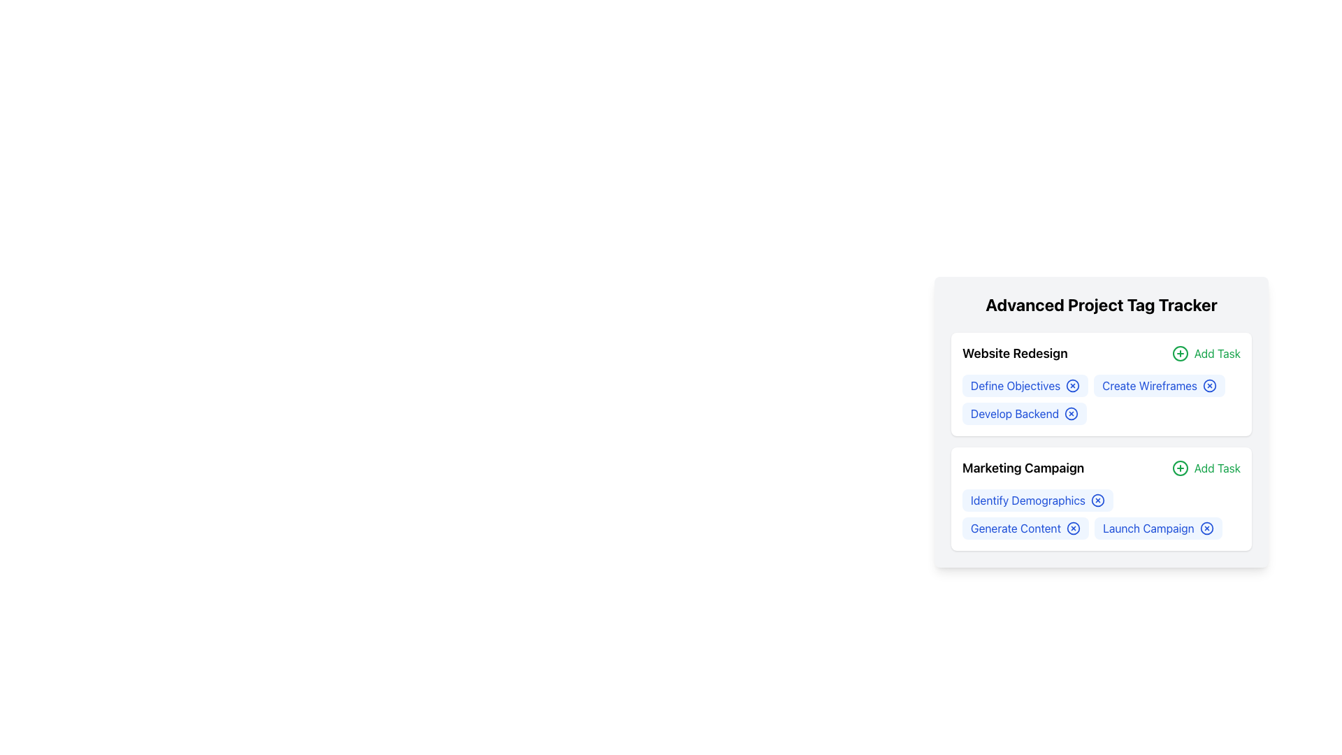 The height and width of the screenshot is (755, 1342). Describe the element at coordinates (1037, 500) in the screenshot. I see `the first button labeled 'Identify Demographics' in the 'Marketing Campaign' section under 'Advanced Project Tag Tracker'` at that location.